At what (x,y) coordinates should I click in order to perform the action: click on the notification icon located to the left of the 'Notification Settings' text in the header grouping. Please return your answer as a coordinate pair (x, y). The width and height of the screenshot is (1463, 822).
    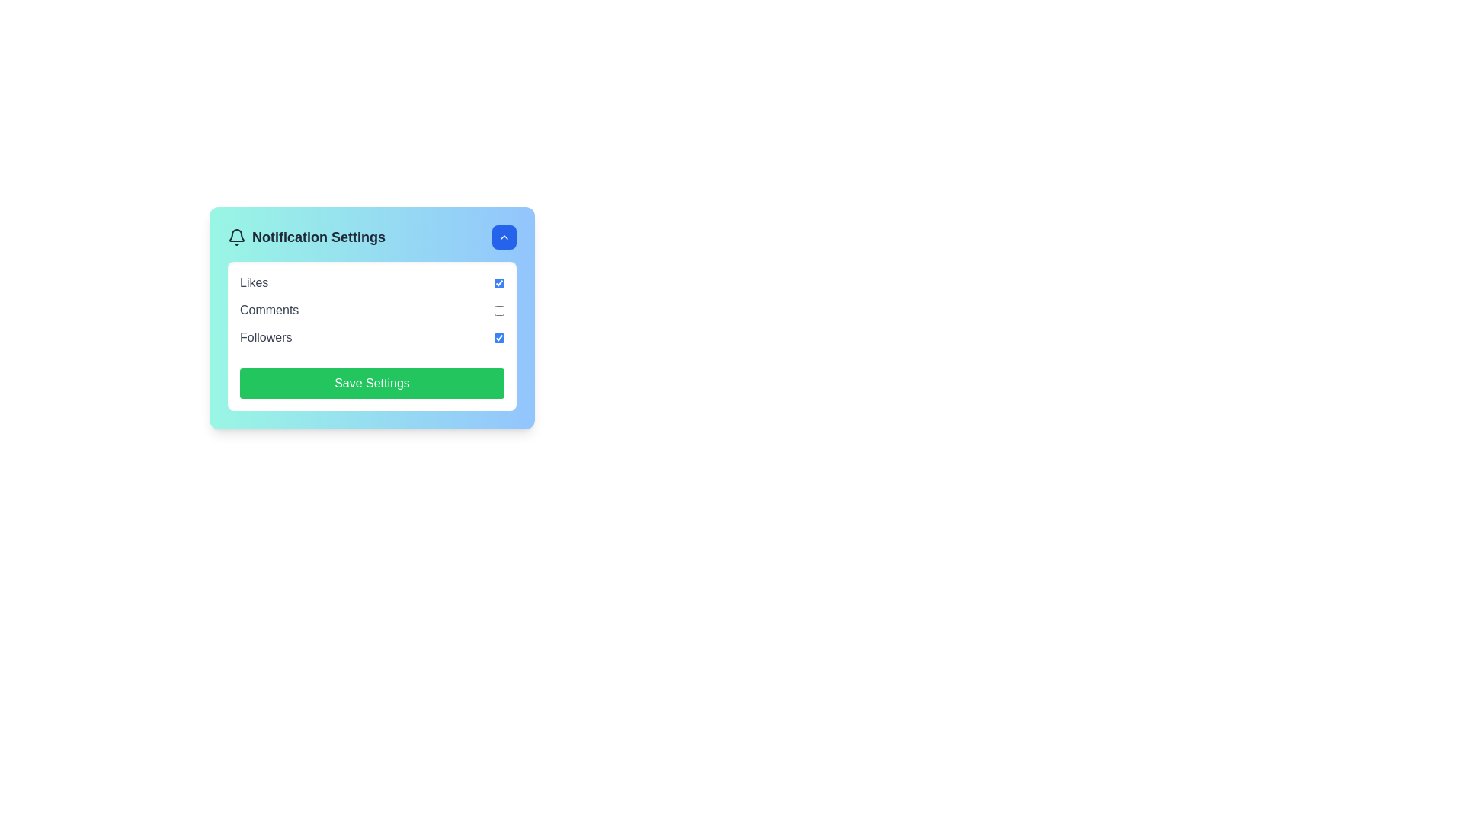
    Looking at the image, I should click on (236, 237).